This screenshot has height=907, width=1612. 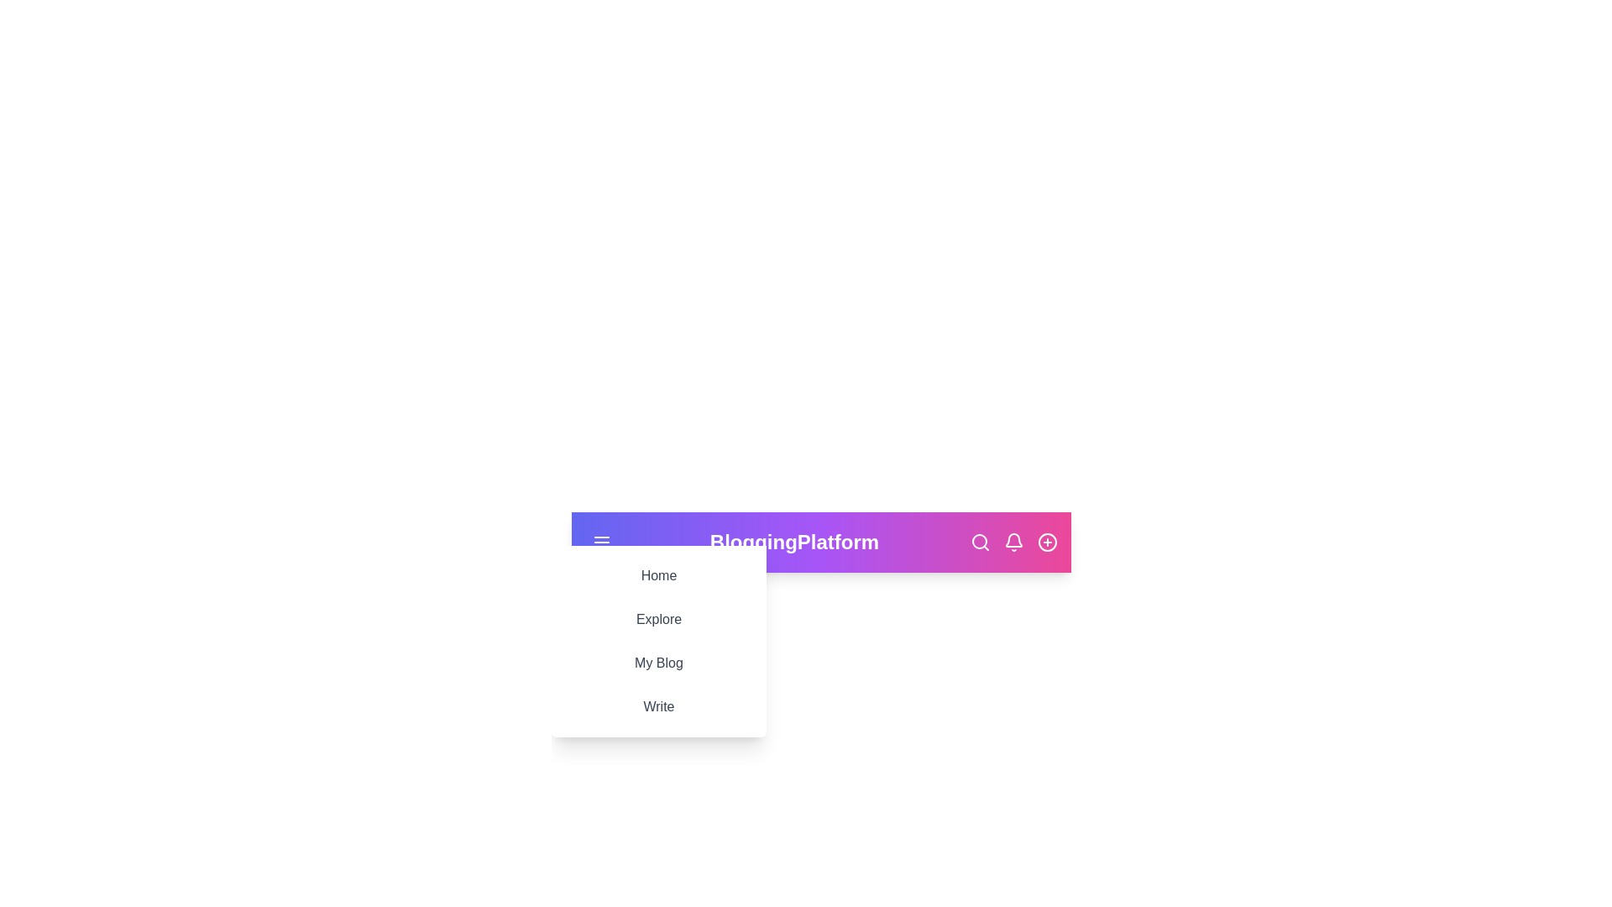 What do you see at coordinates (980, 542) in the screenshot?
I see `the search icon in the app bar` at bounding box center [980, 542].